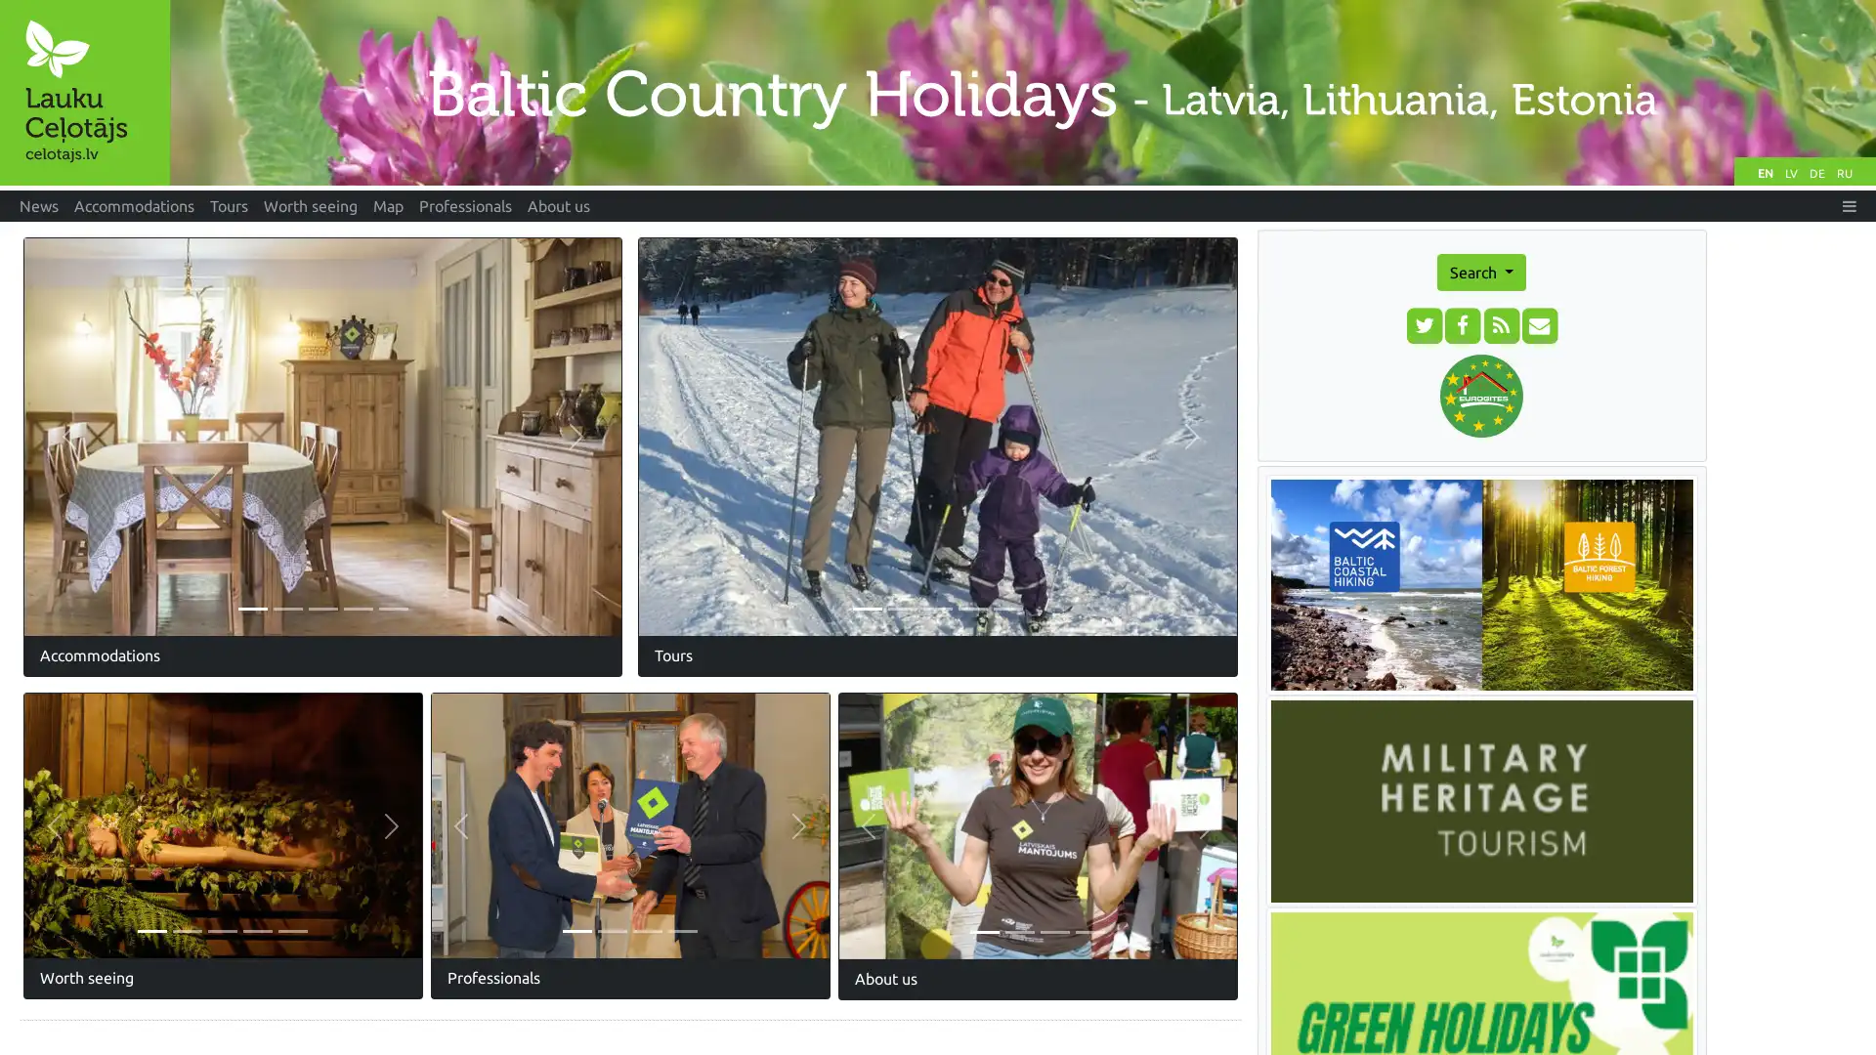  I want to click on Next, so click(576, 436).